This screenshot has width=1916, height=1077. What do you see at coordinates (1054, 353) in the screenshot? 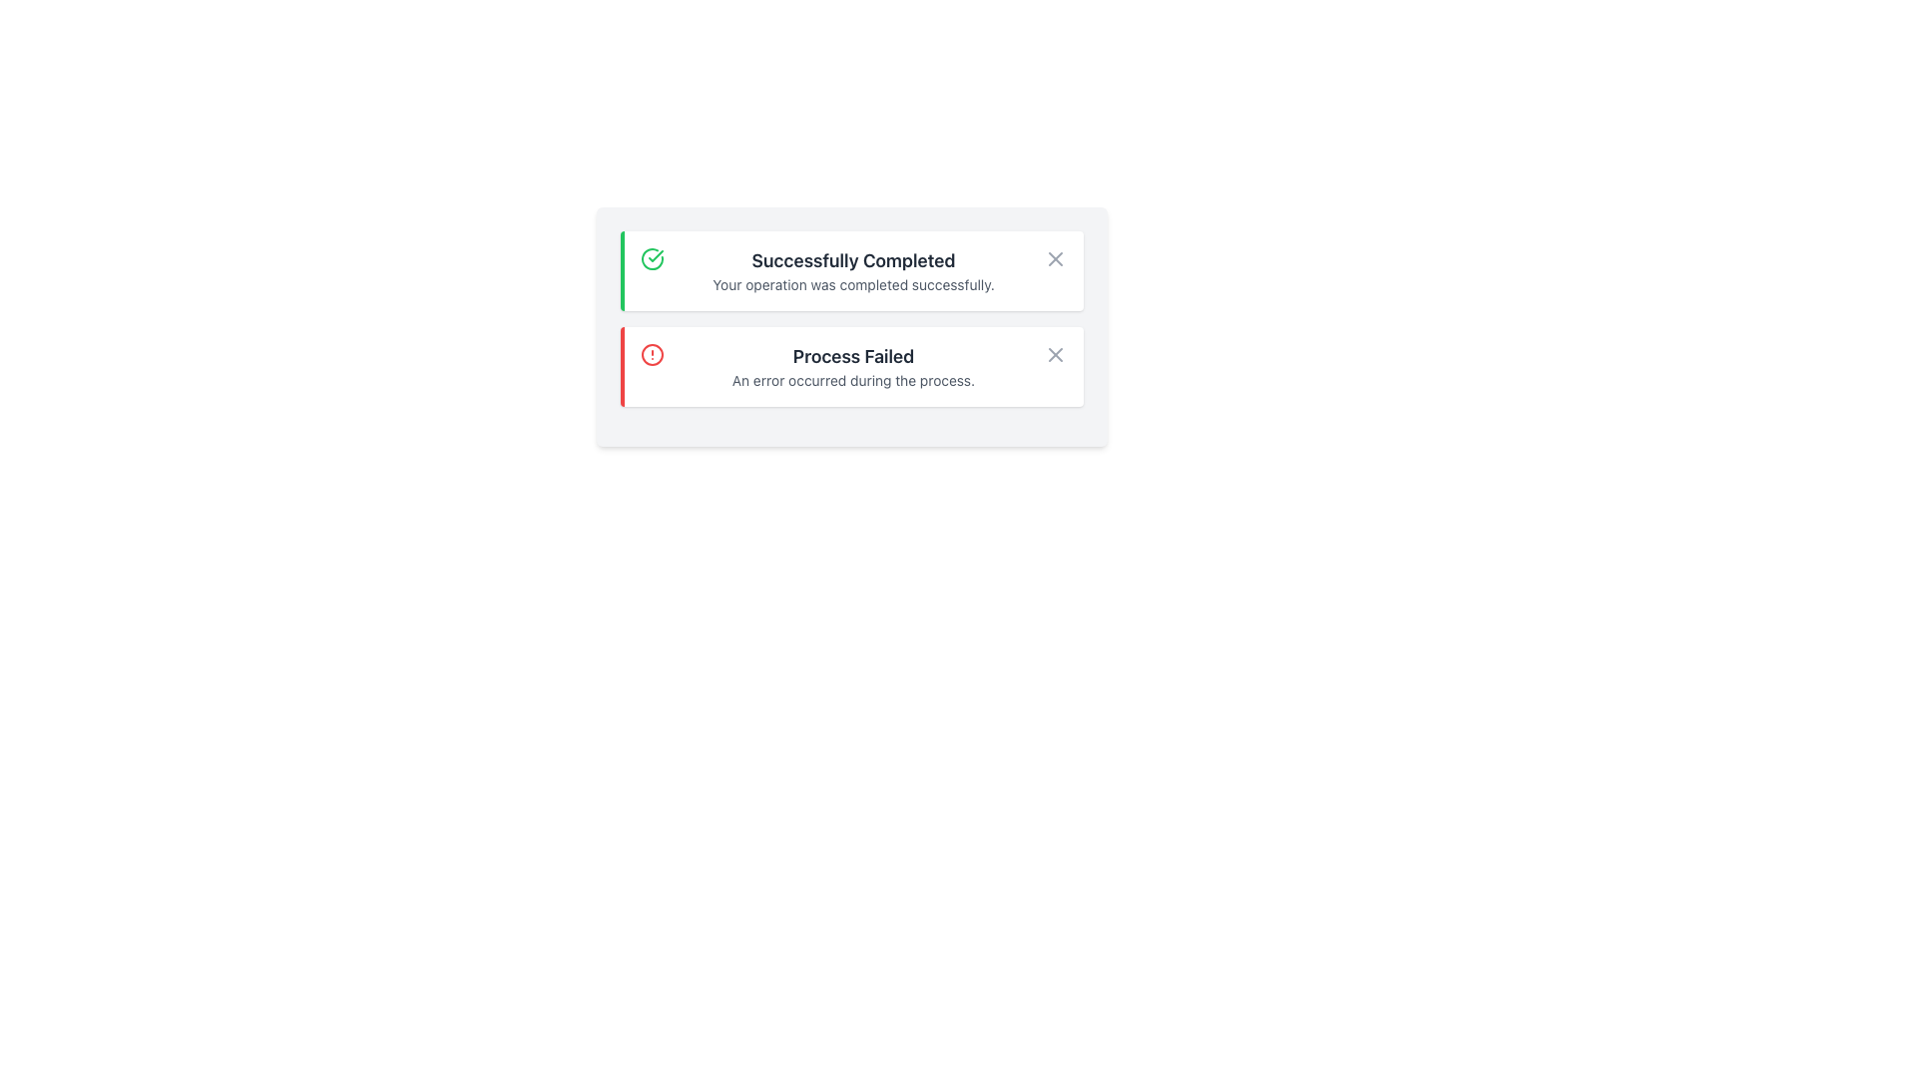
I see `the graphical icon located in the top-right region of the notification box, which serves as a visual cue for closing or dismissing the notification` at bounding box center [1054, 353].